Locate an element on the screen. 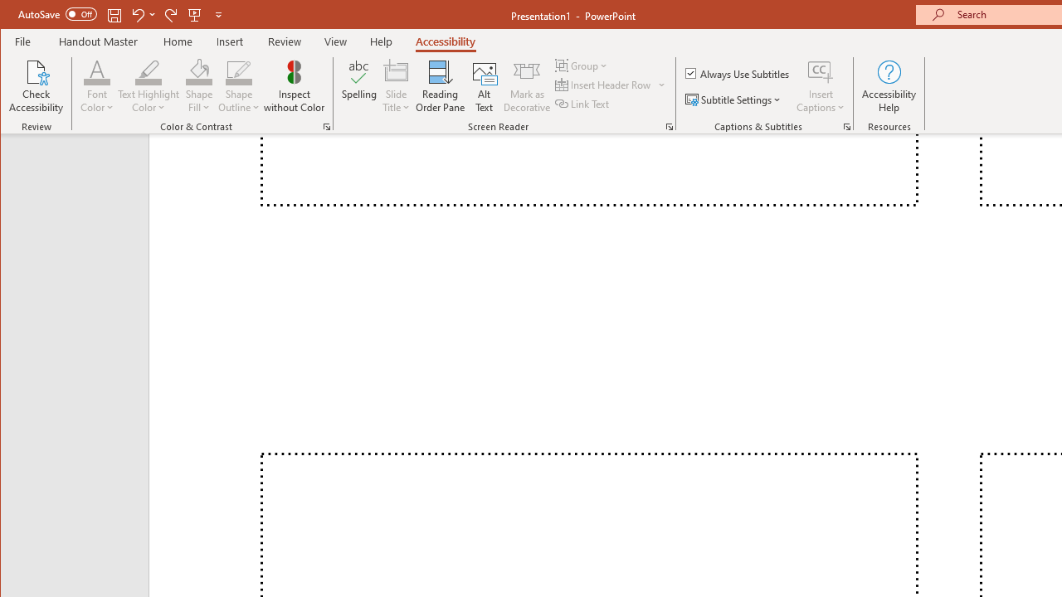 Image resolution: width=1062 pixels, height=597 pixels. 'Text Highlight Color' is located at coordinates (149, 86).